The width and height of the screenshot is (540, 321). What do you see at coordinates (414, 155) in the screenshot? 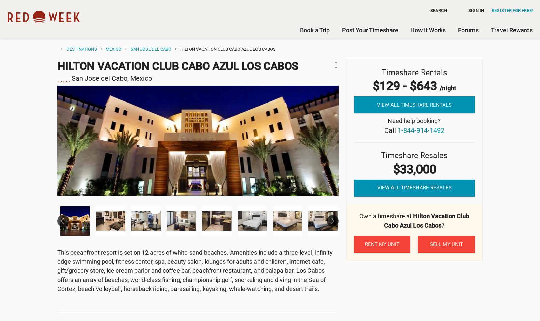
I see `'Timeshare Resales'` at bounding box center [414, 155].